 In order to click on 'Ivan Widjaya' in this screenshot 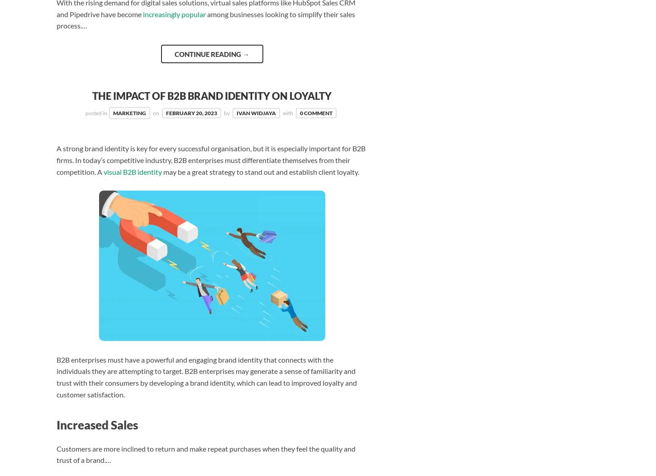, I will do `click(237, 113)`.